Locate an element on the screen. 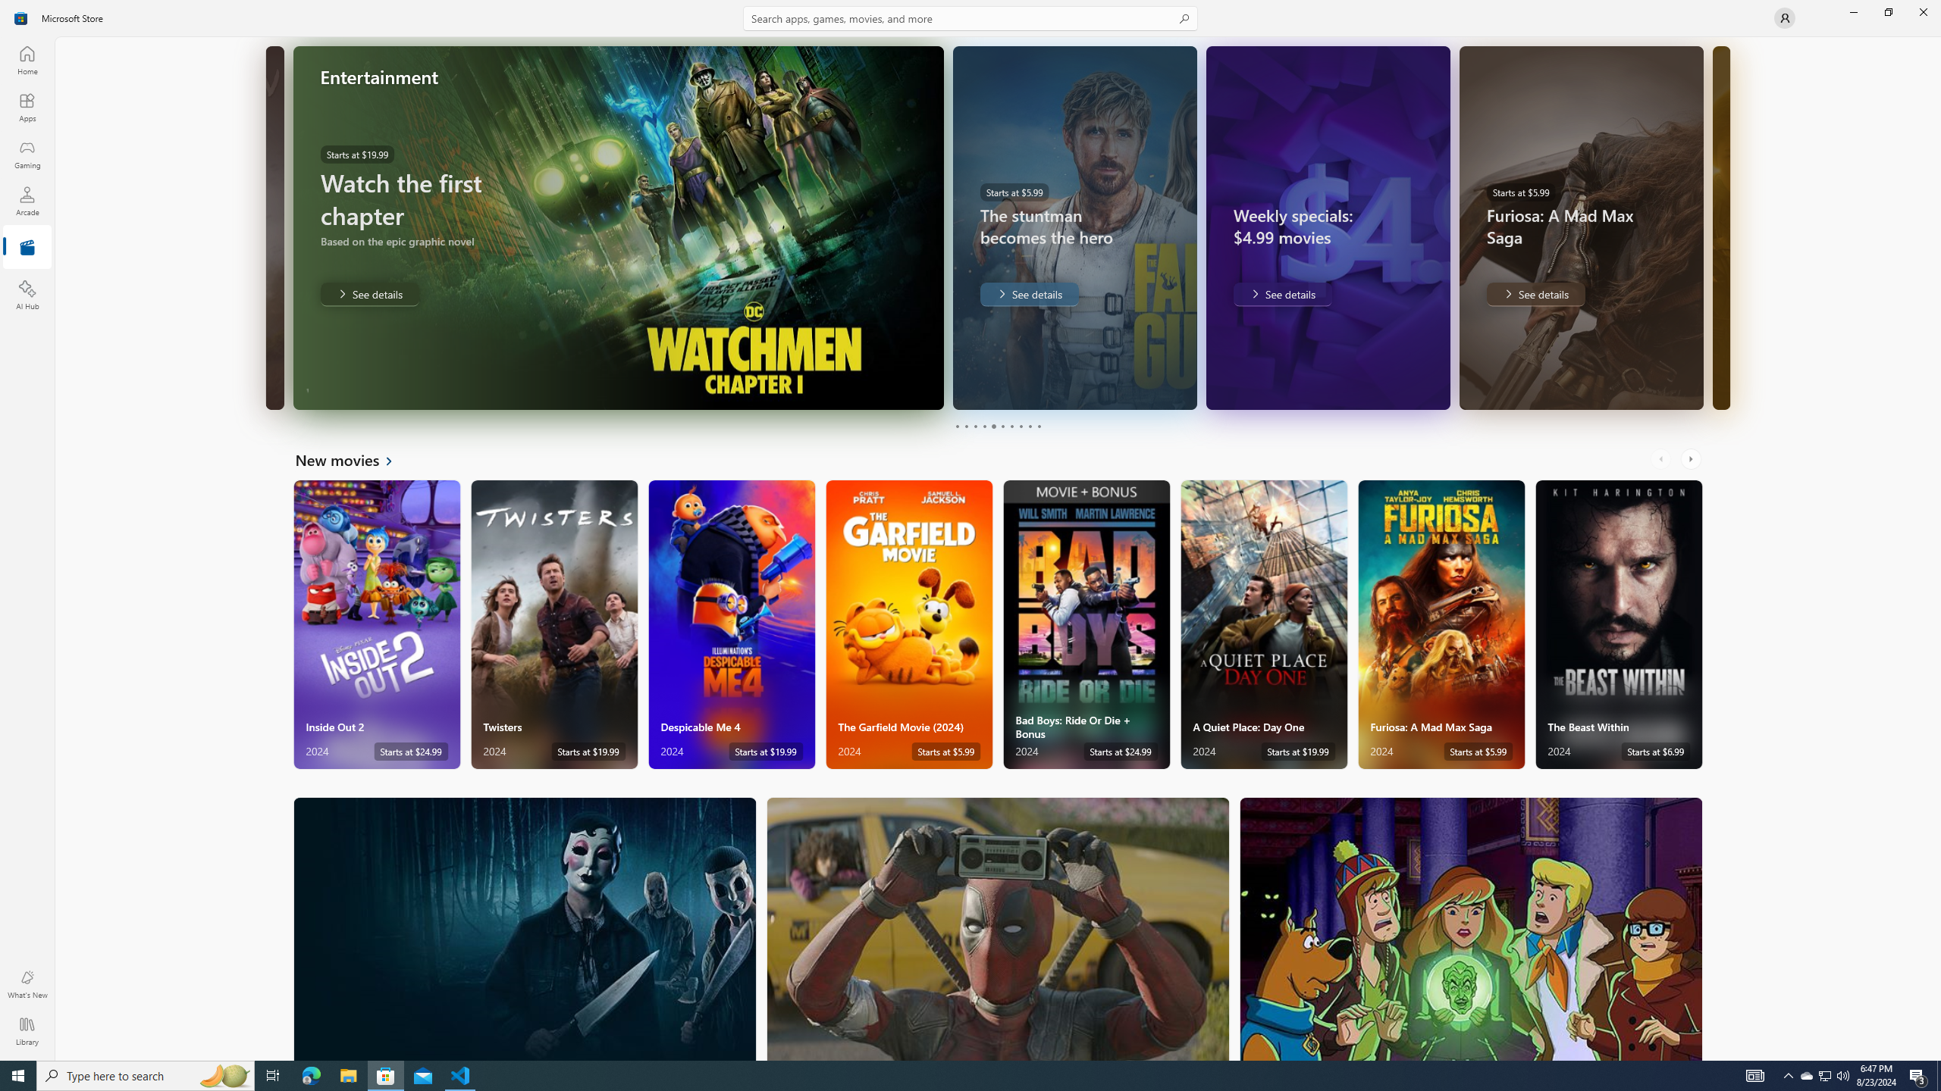 This screenshot has width=1941, height=1091. 'Class: Image' is located at coordinates (21, 17).